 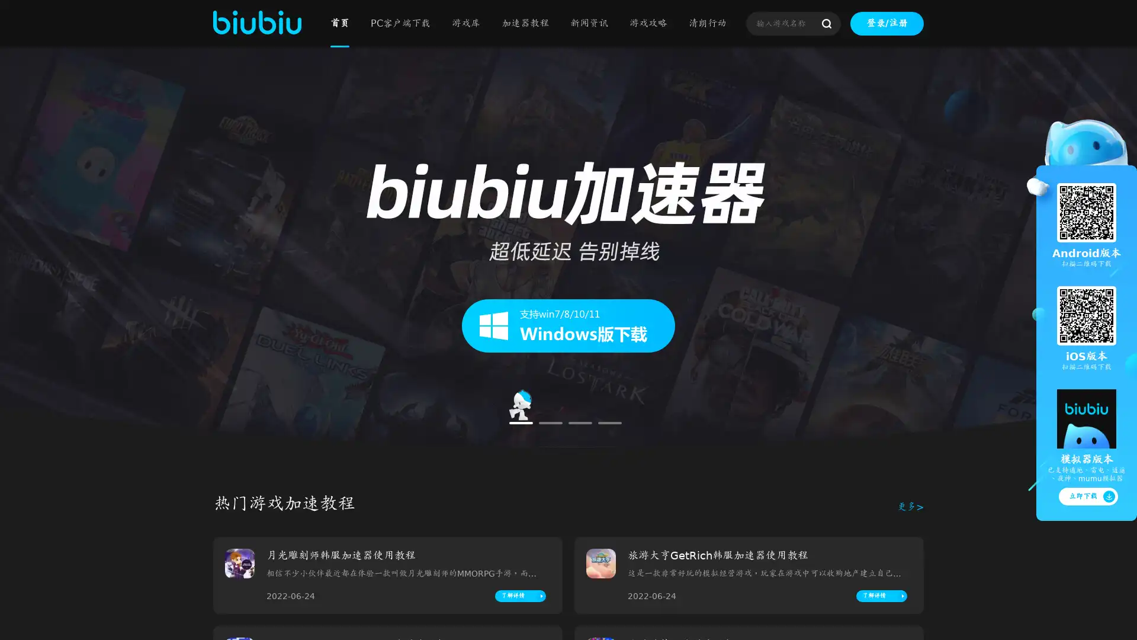 I want to click on Go to slide 3, so click(x=580, y=404).